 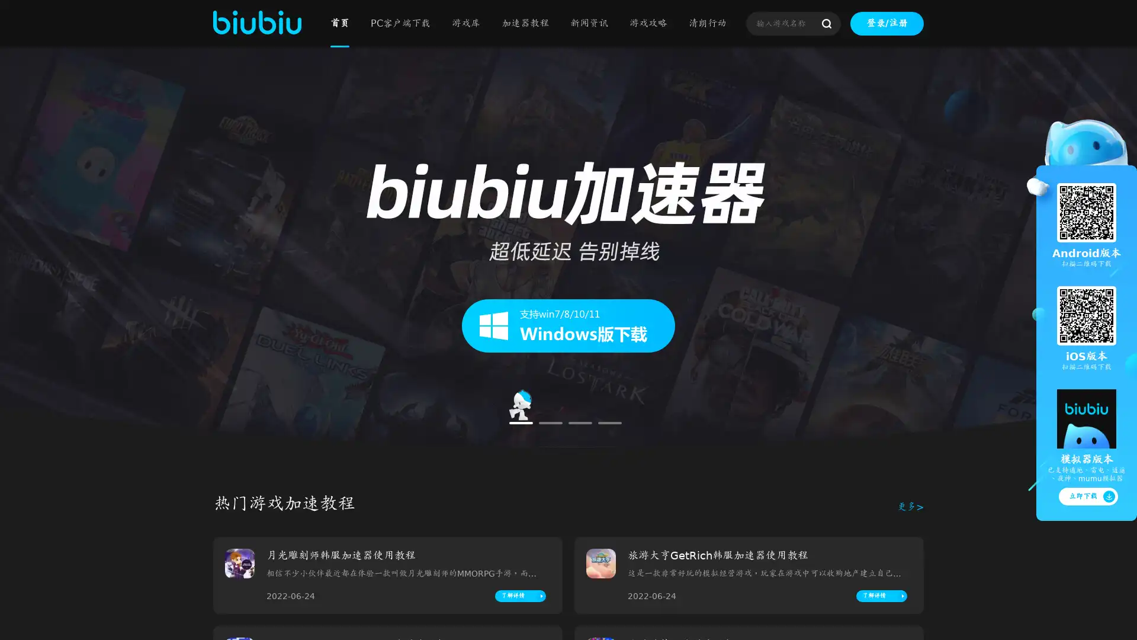 I want to click on Go to slide 3, so click(x=580, y=404).